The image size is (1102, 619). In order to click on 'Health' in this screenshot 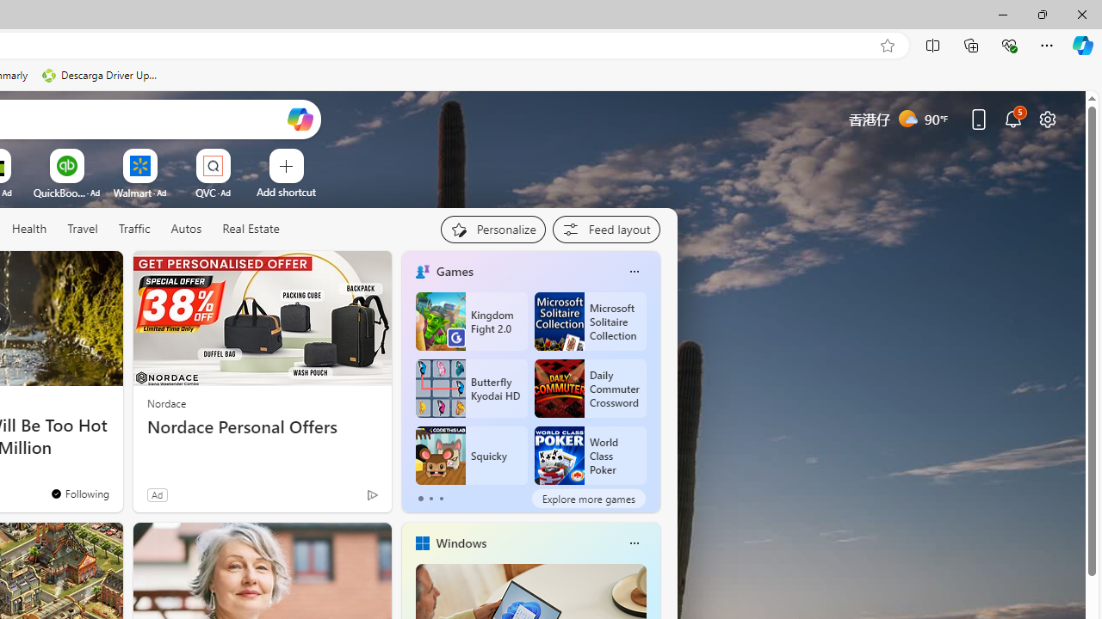, I will do `click(29, 228)`.